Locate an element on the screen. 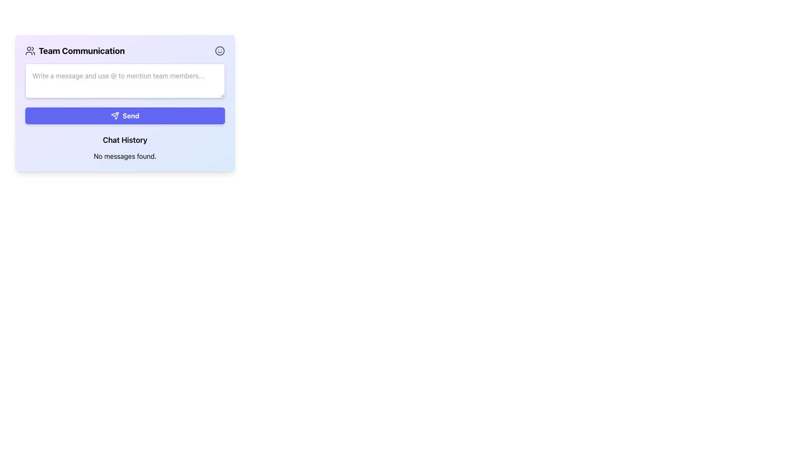  the paper airplane icon inside the 'Send' button, which is located below the input field for messages is located at coordinates (115, 115).